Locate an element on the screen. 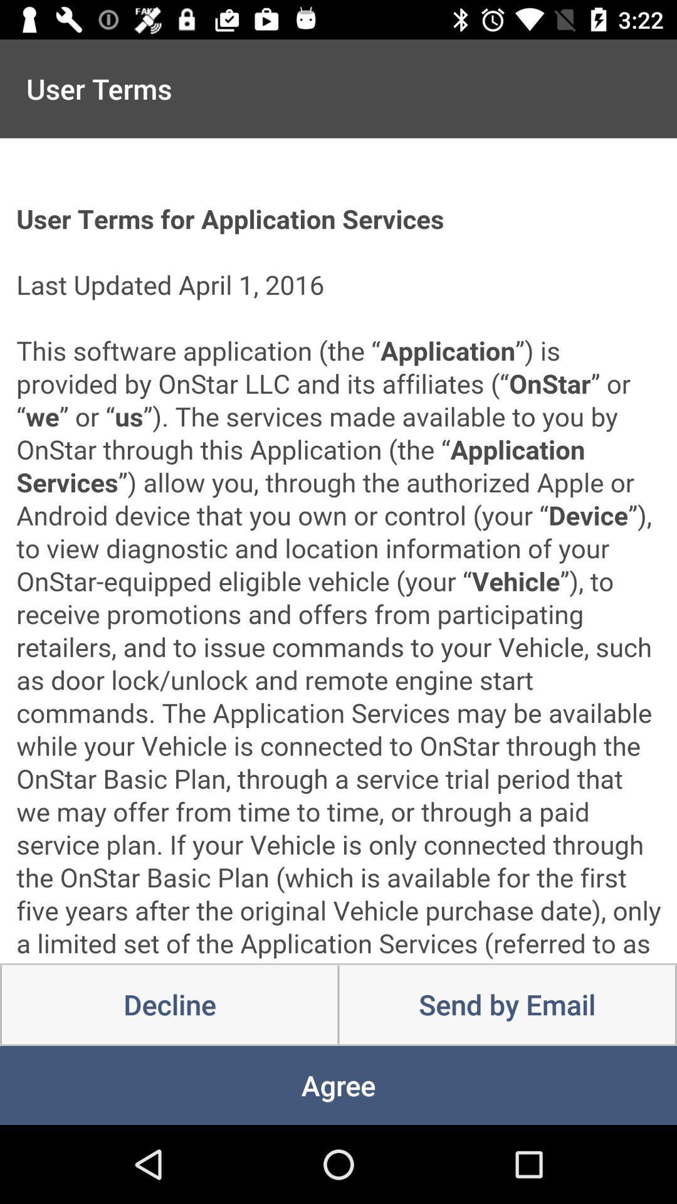 The width and height of the screenshot is (677, 1204). icon above the decline is located at coordinates (338, 551).